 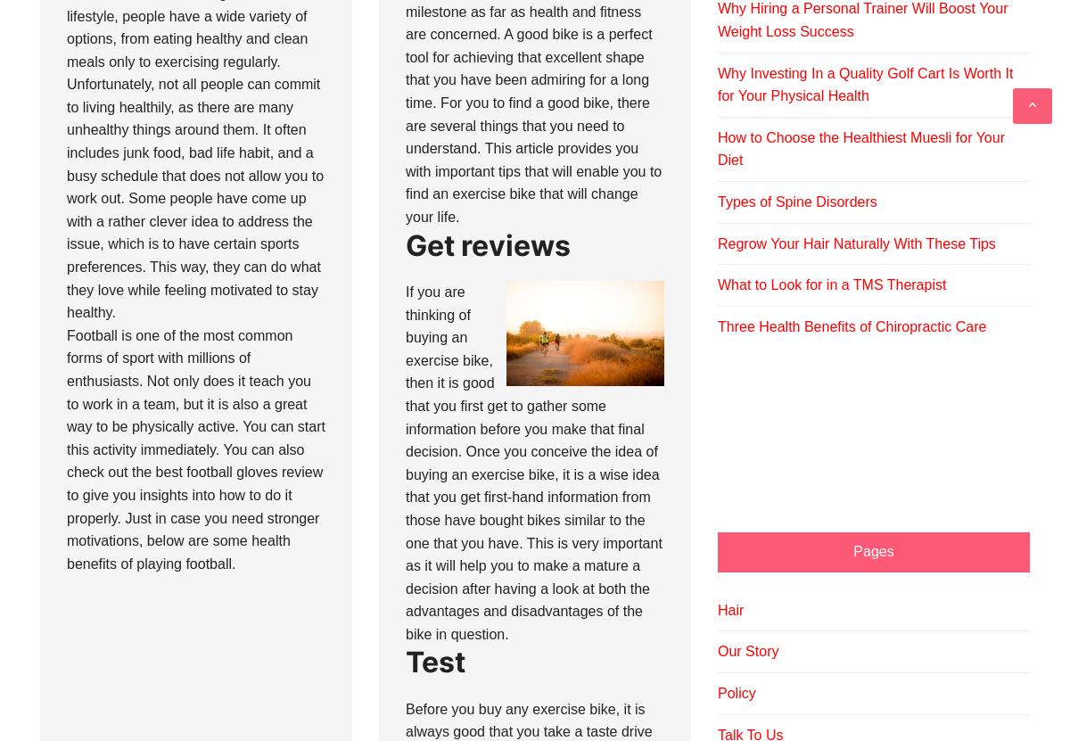 What do you see at coordinates (873, 549) in the screenshot?
I see `'Pages'` at bounding box center [873, 549].